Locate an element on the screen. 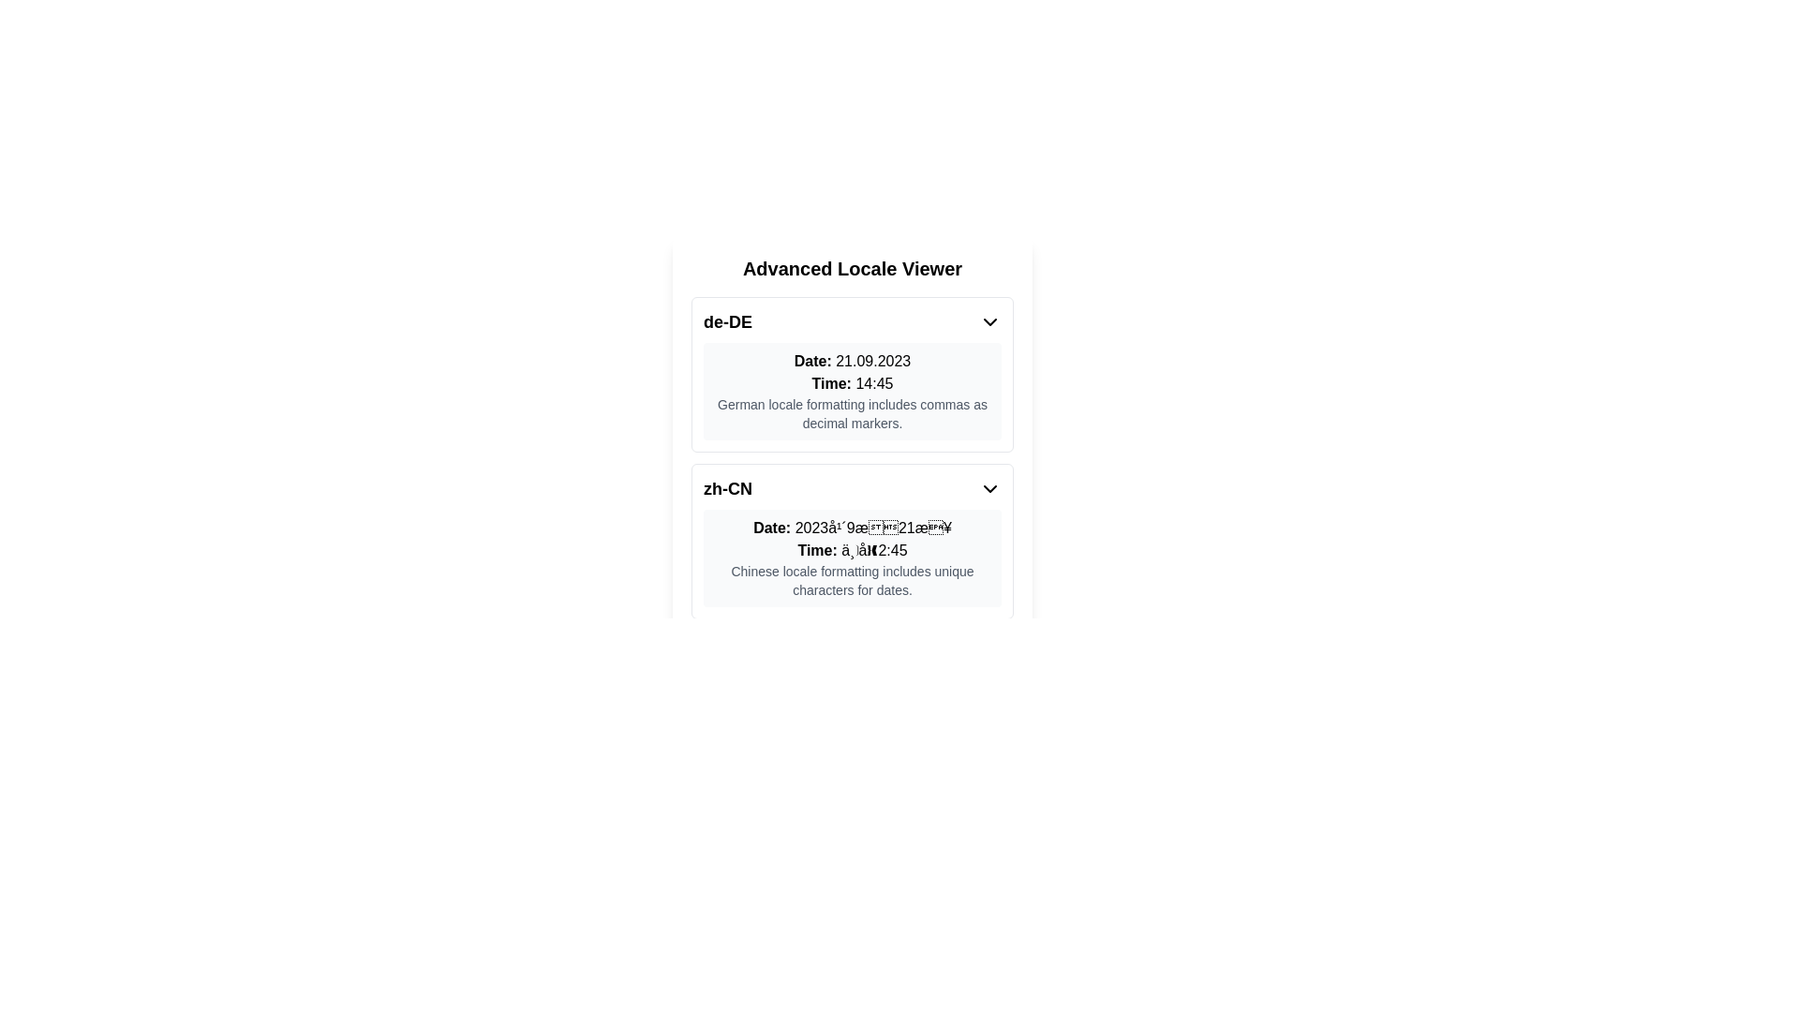 The image size is (1799, 1012). the text label displaying 'Time:' which is styled in a standard sans-serif font and located in the lower section of the interface for the 'zh-CN' locale is located at coordinates (817, 549).